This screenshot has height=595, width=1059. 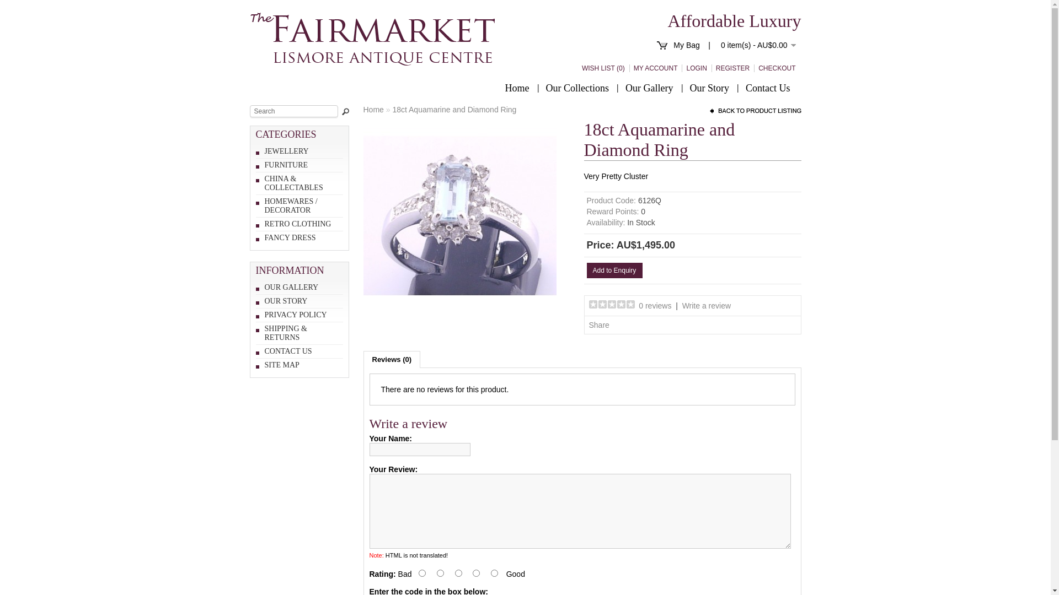 I want to click on '18ct Aquamarine and Diamond Ring', so click(x=454, y=110).